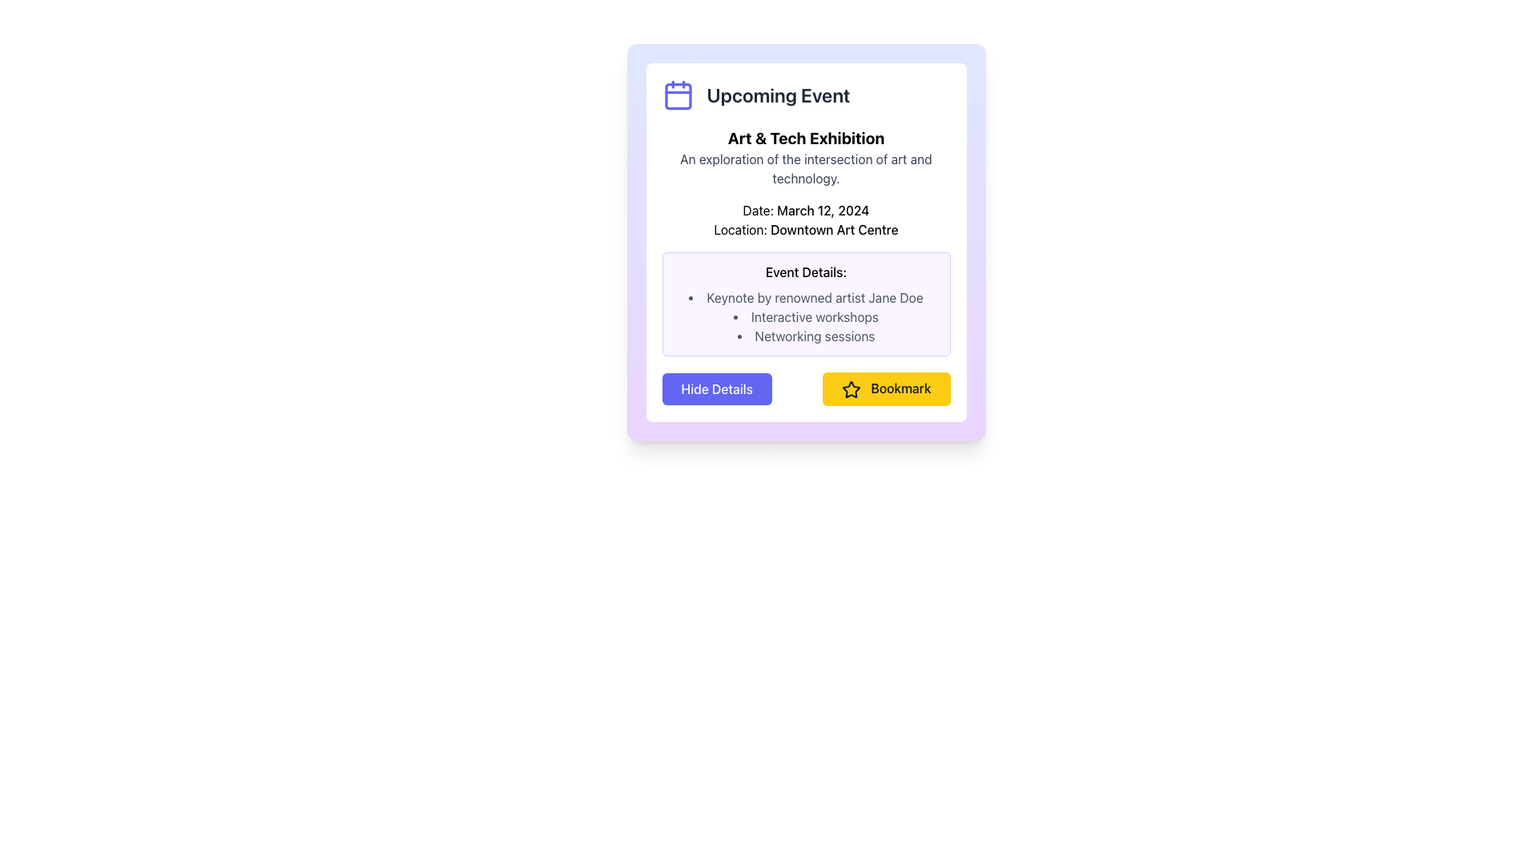  I want to click on the five-pointed star icon with a black outline and yellow fill, which is part of the 'Bookmark' button located, so click(851, 389).